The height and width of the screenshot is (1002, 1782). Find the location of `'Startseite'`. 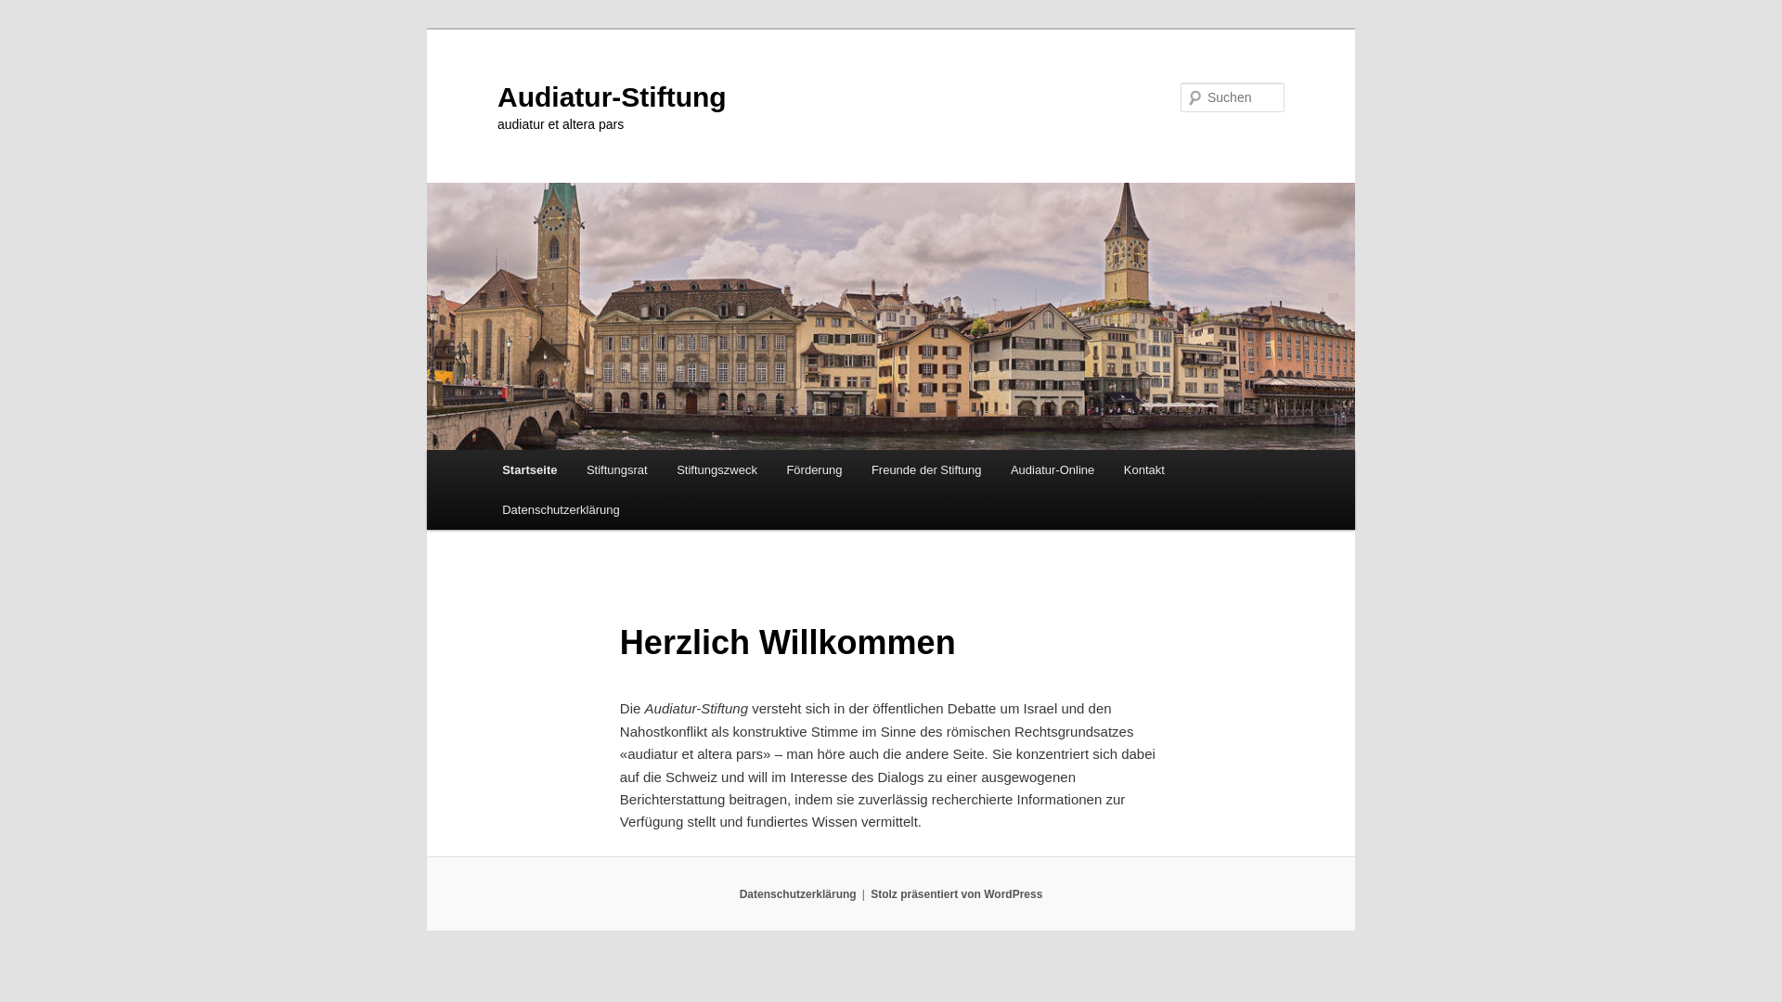

'Startseite' is located at coordinates (528, 469).